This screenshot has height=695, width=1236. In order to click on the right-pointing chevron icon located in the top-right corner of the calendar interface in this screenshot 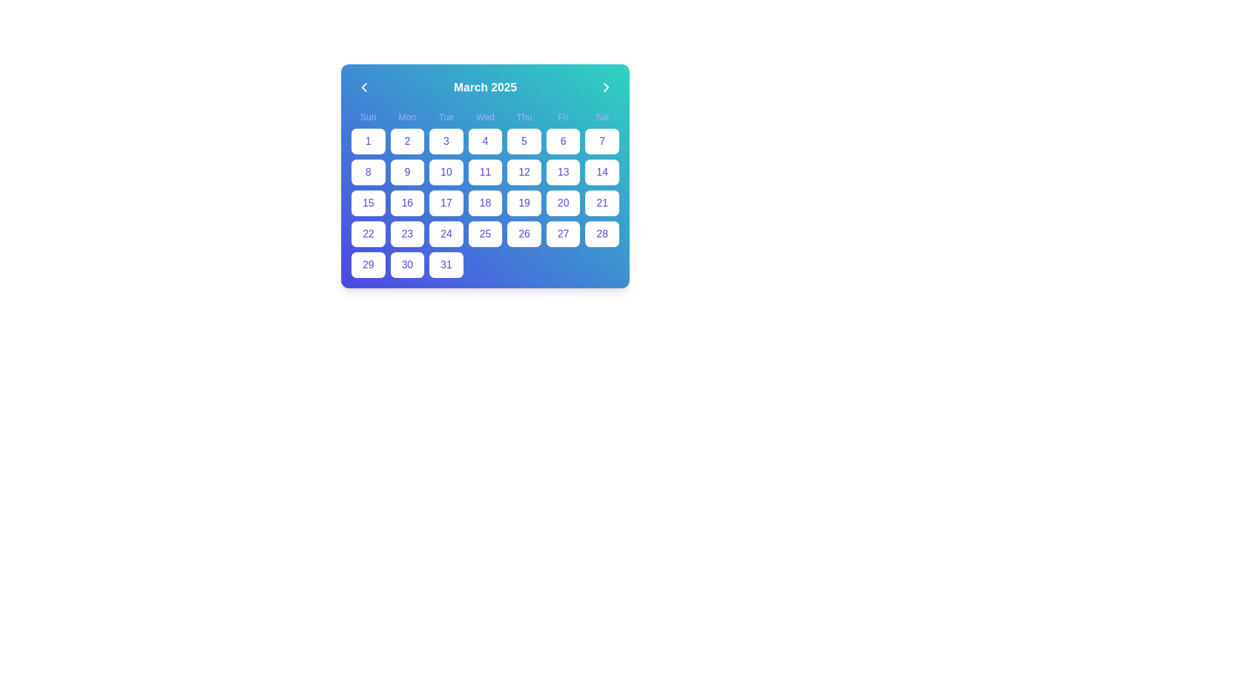, I will do `click(605, 87)`.